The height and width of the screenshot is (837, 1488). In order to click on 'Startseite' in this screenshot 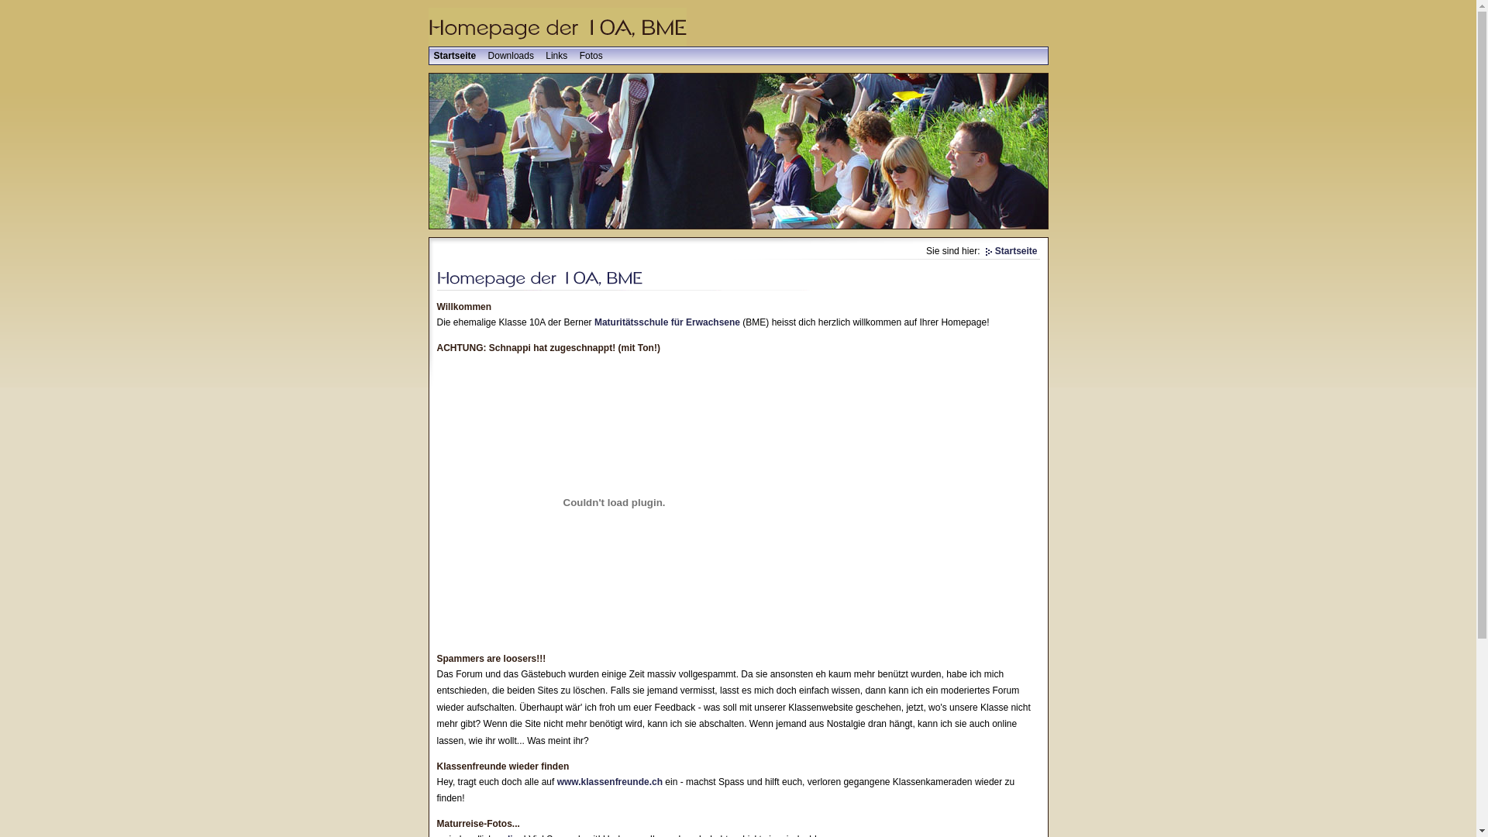, I will do `click(454, 55)`.